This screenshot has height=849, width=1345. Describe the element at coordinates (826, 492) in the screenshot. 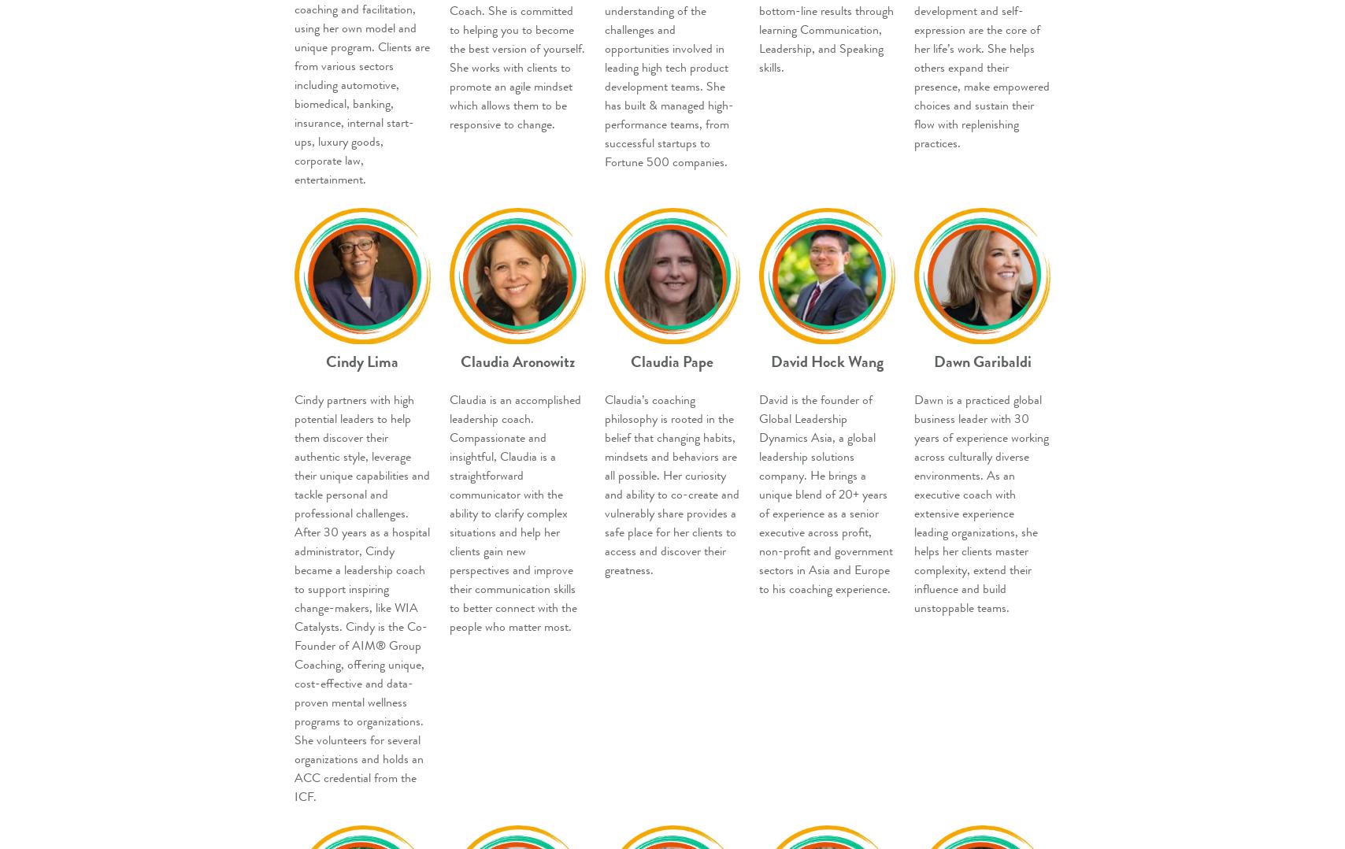

I see `'David is the founder of Global Leadership Dynamics Asia, a global leadership solutions company. He brings a unique blend of 20+ years of experience as a senior executive across profit, non-profit and government sectors in Asia and Europe to his coaching experience.'` at that location.